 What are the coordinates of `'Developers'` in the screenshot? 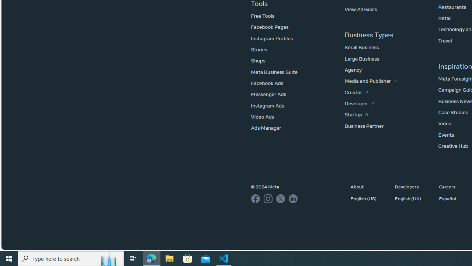 It's located at (413, 186).